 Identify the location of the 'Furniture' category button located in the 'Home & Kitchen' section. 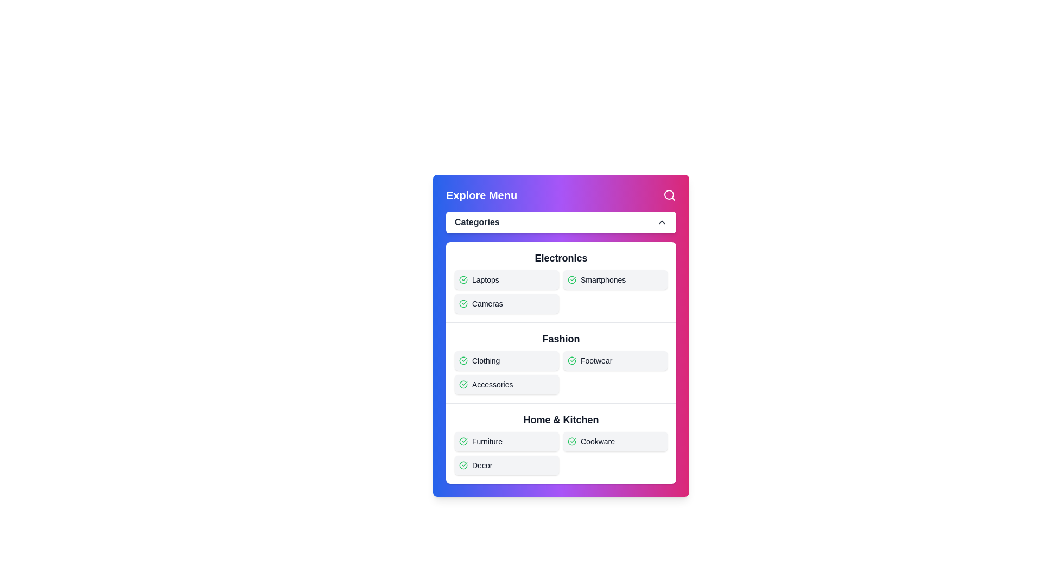
(506, 441).